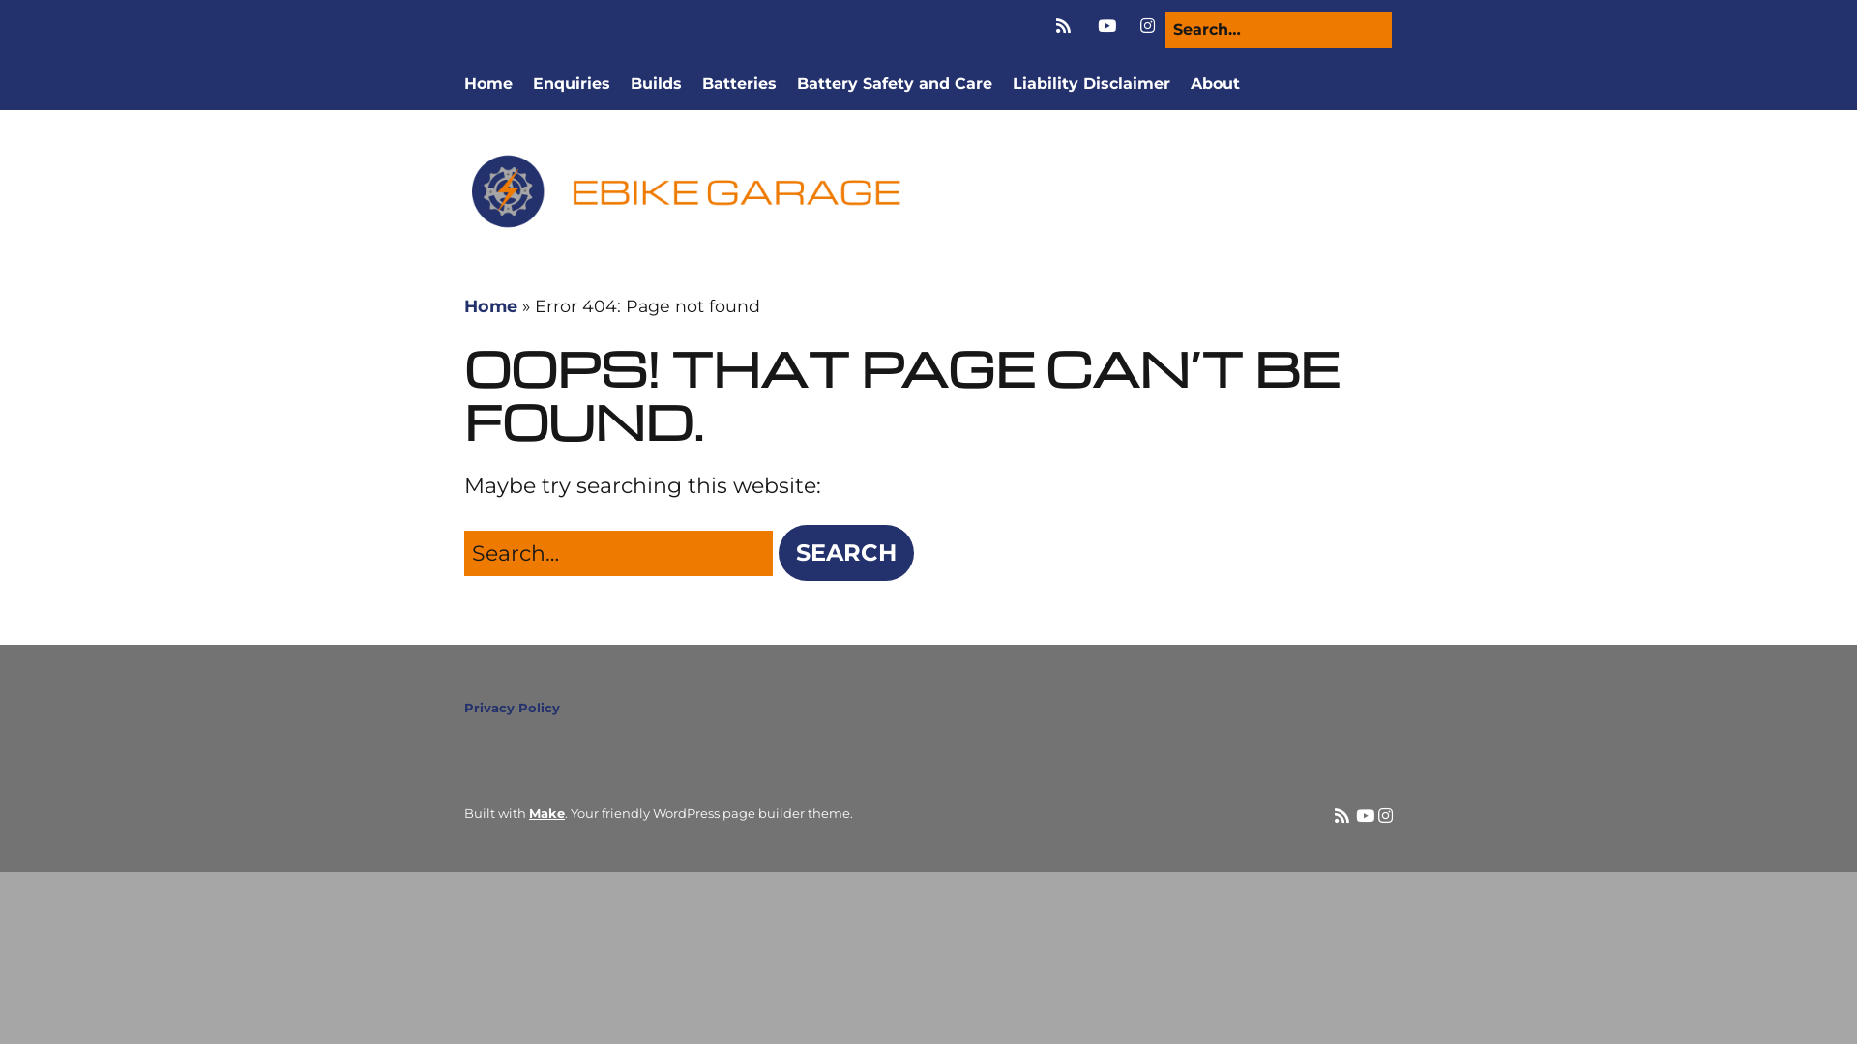  What do you see at coordinates (512, 708) in the screenshot?
I see `'Privacy Policy'` at bounding box center [512, 708].